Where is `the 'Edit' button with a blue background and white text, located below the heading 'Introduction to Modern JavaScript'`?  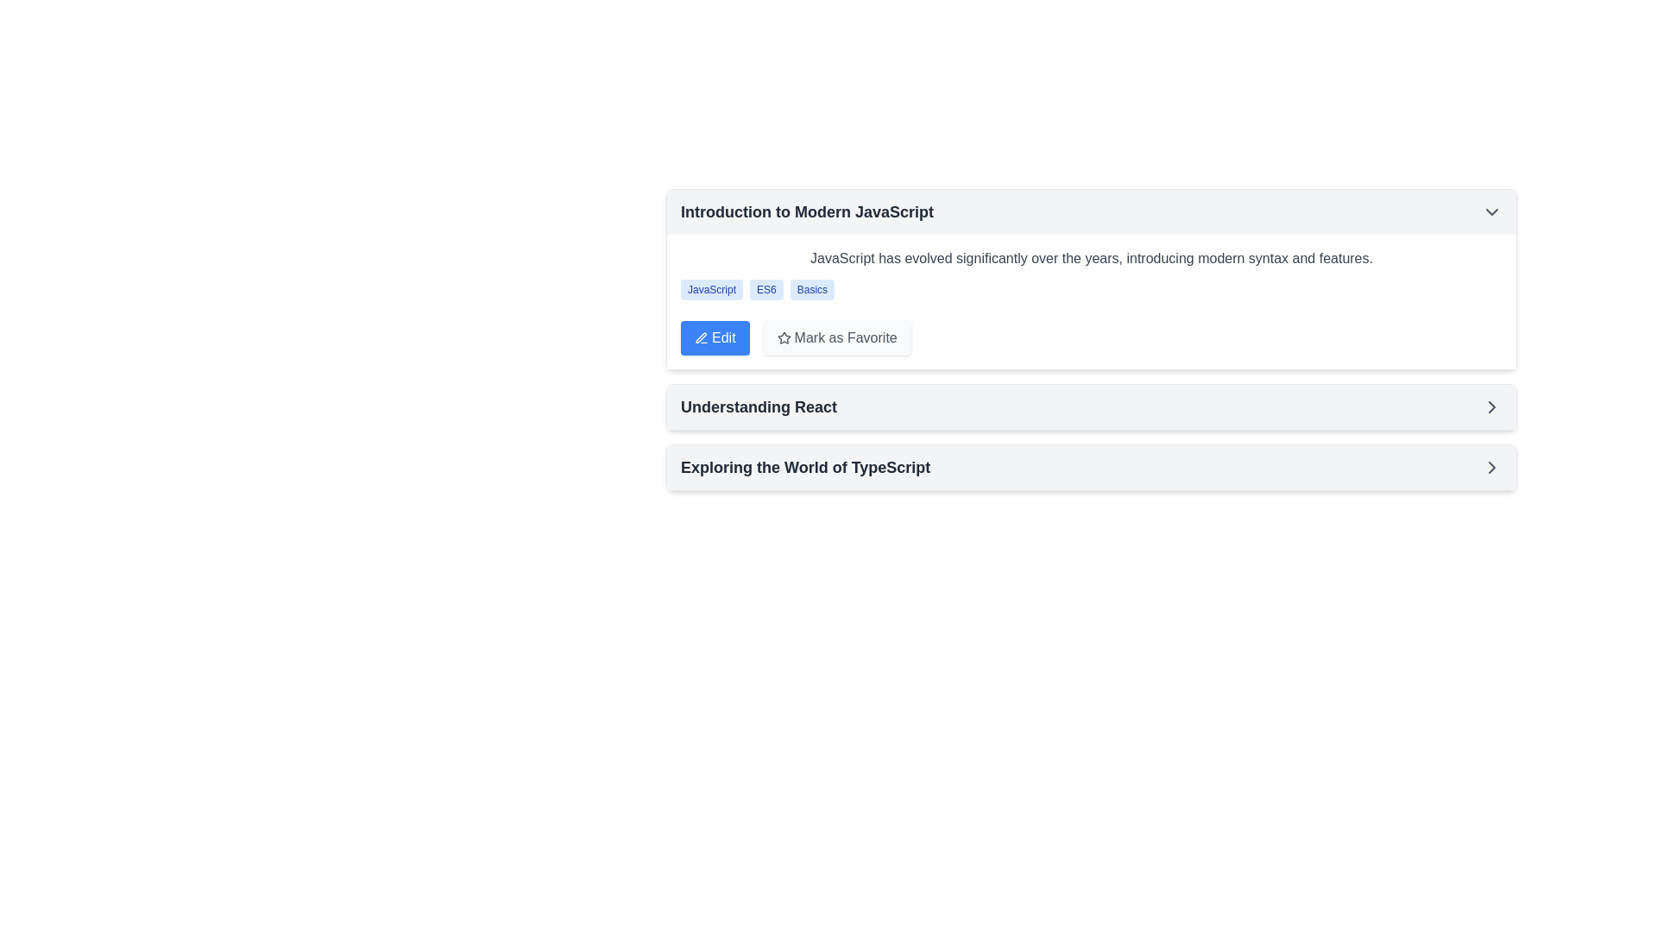 the 'Edit' button with a blue background and white text, located below the heading 'Introduction to Modern JavaScript' is located at coordinates (715, 338).